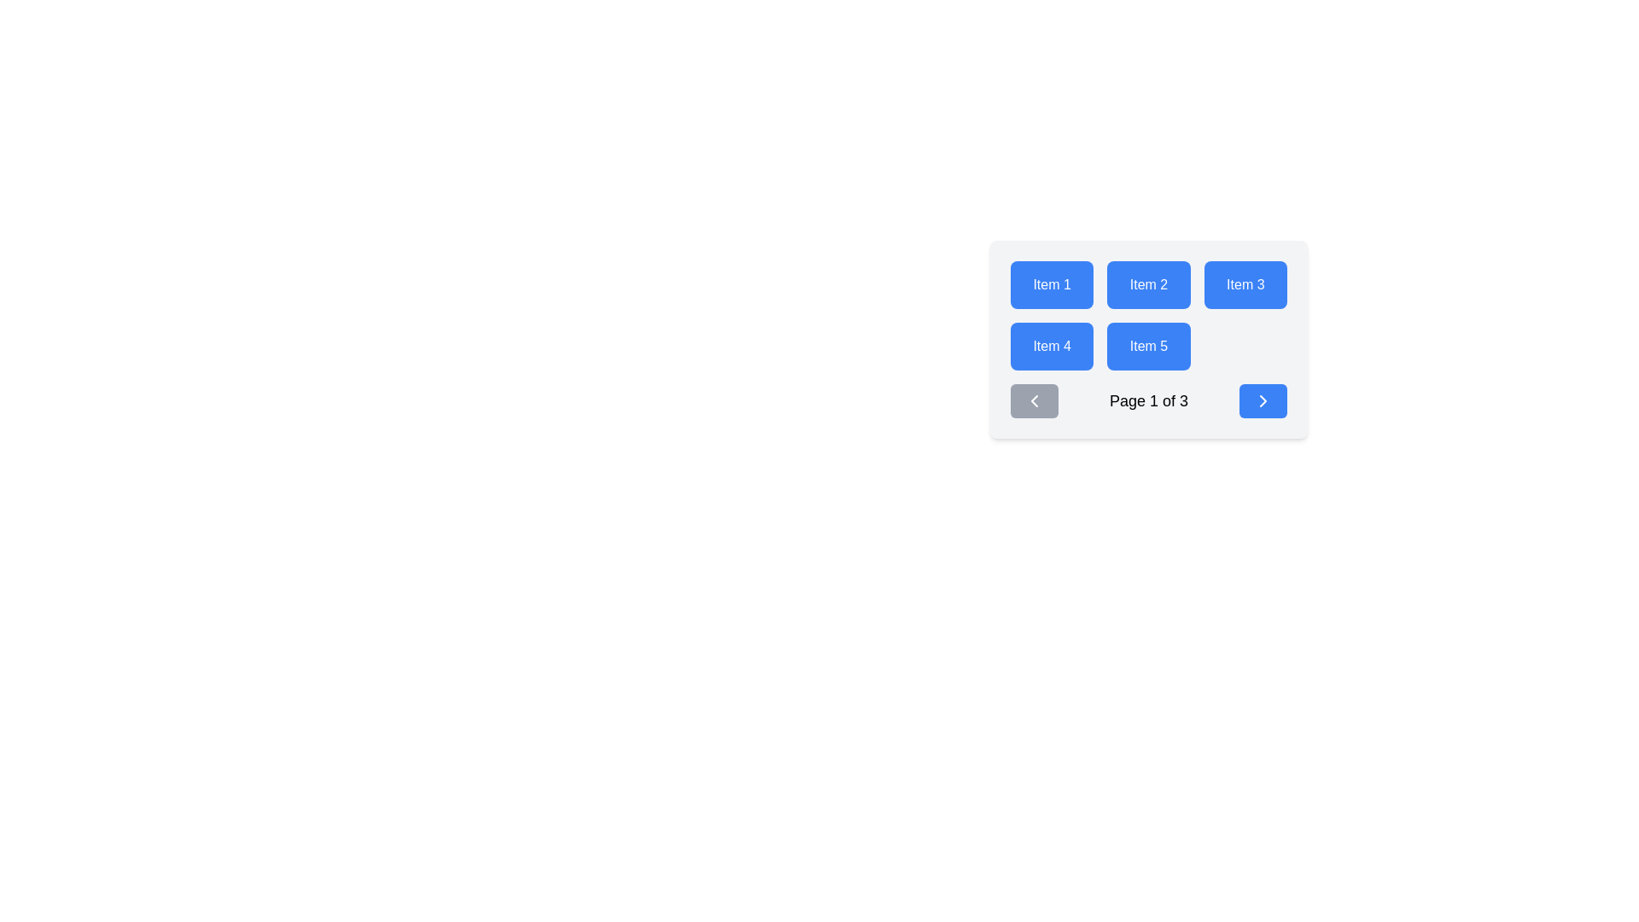  I want to click on the selectable button labeled 'Item 5' located in the second row and second column of the grid layout, so click(1148, 346).